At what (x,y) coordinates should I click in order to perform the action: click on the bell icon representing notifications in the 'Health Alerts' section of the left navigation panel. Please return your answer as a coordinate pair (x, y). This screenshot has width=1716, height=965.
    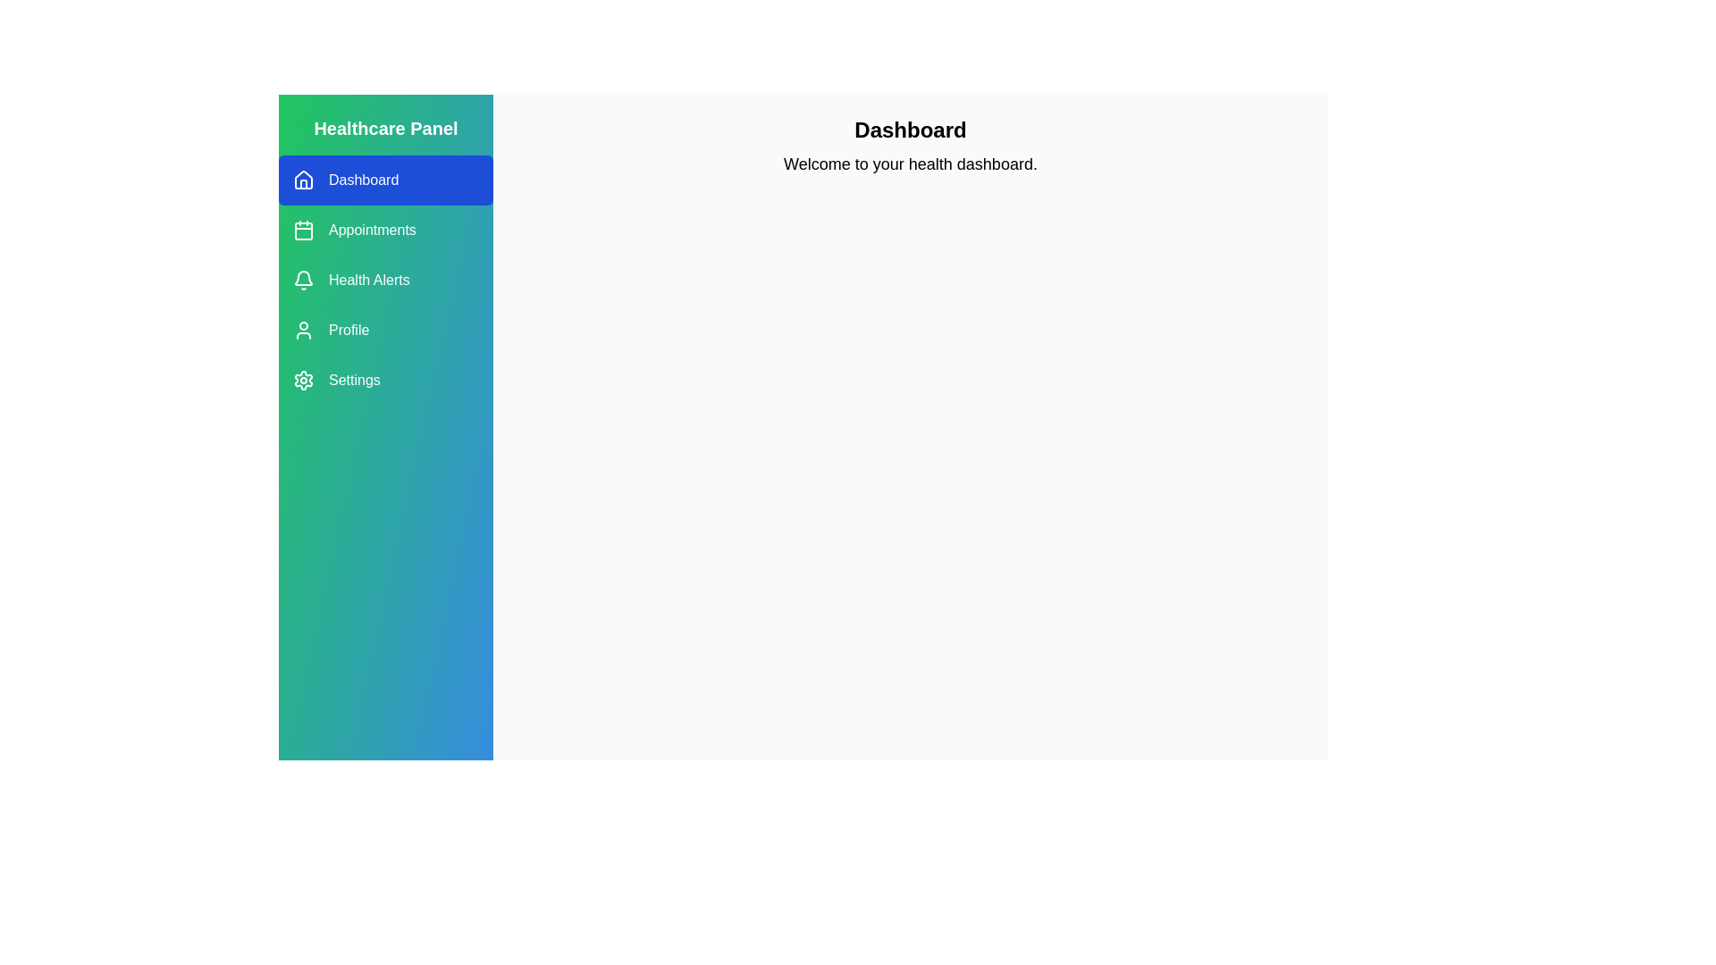
    Looking at the image, I should click on (304, 280).